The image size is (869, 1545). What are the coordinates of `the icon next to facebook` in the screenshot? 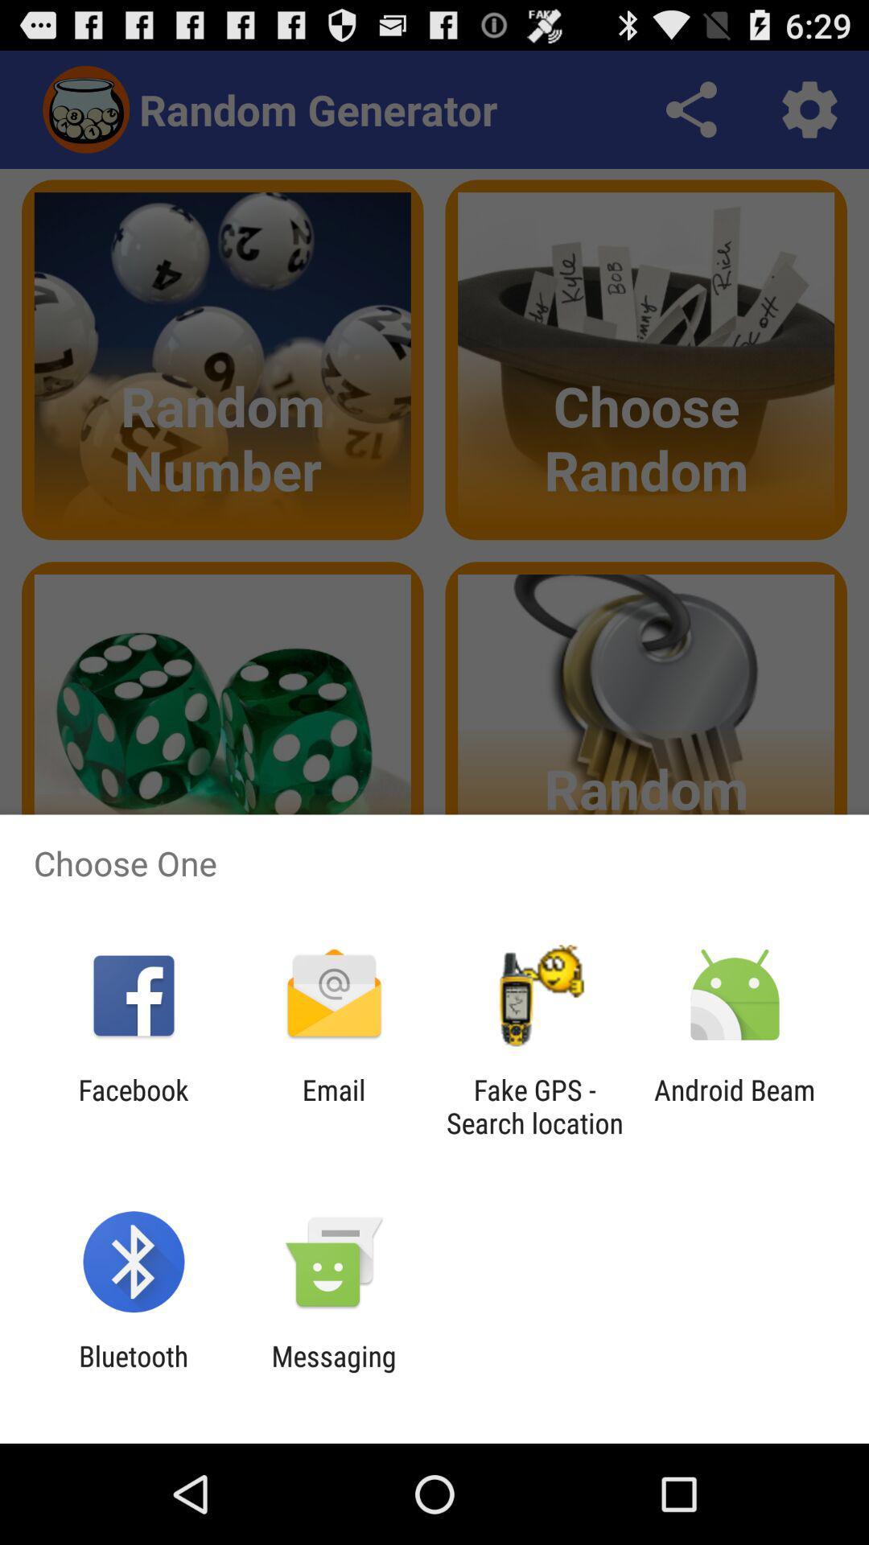 It's located at (333, 1106).